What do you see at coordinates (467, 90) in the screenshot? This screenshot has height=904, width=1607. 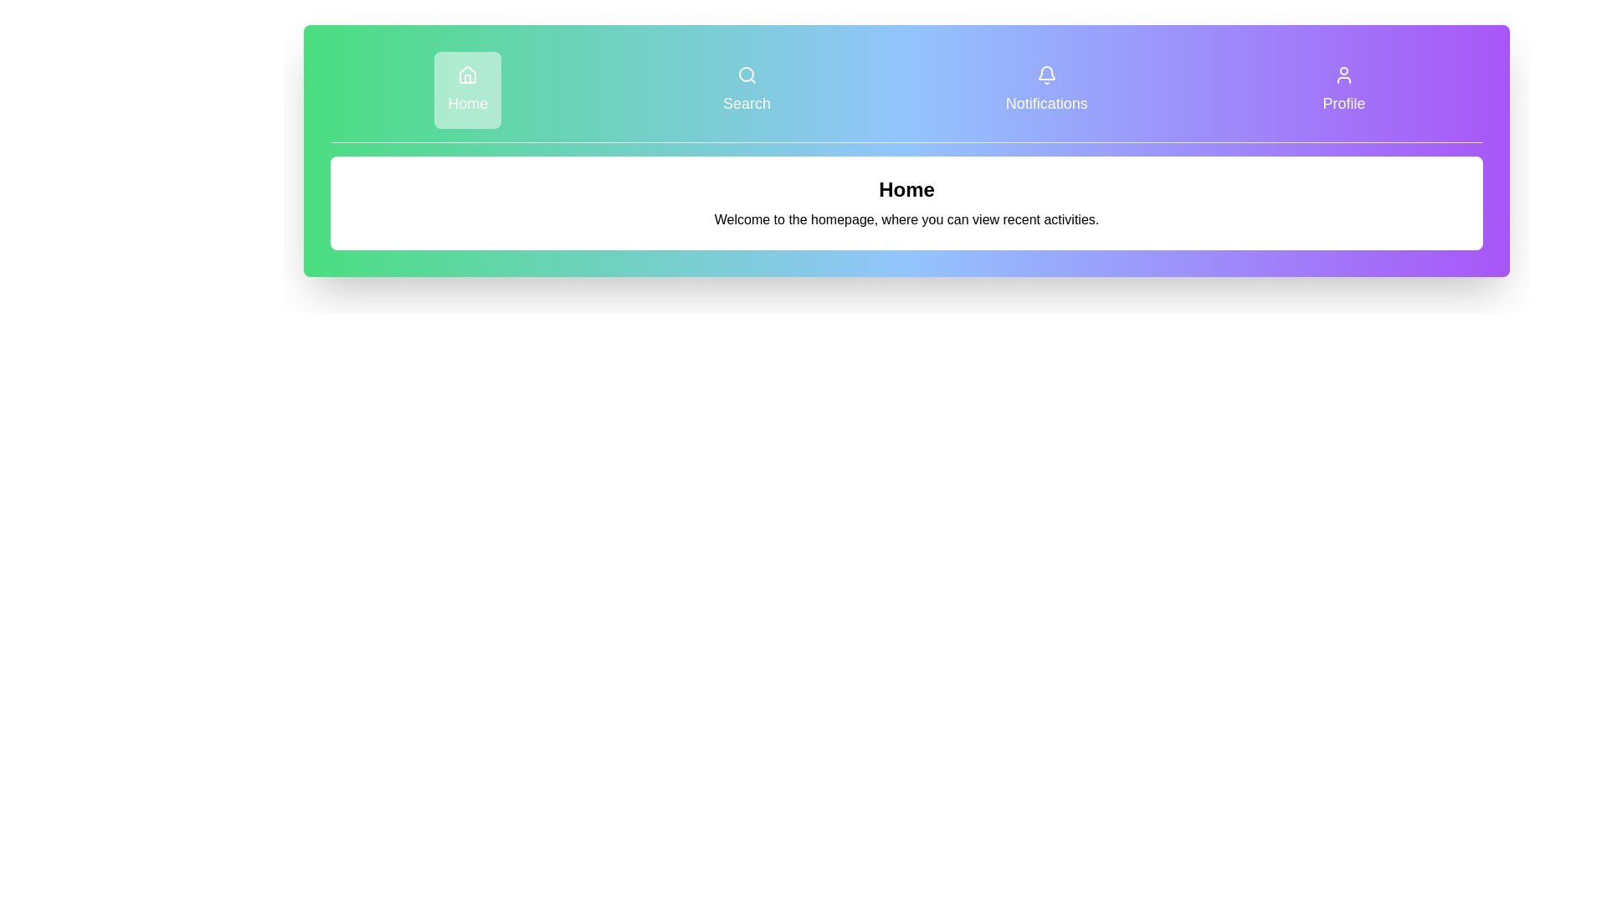 I see `the tab labeled Home to navigate to it` at bounding box center [467, 90].